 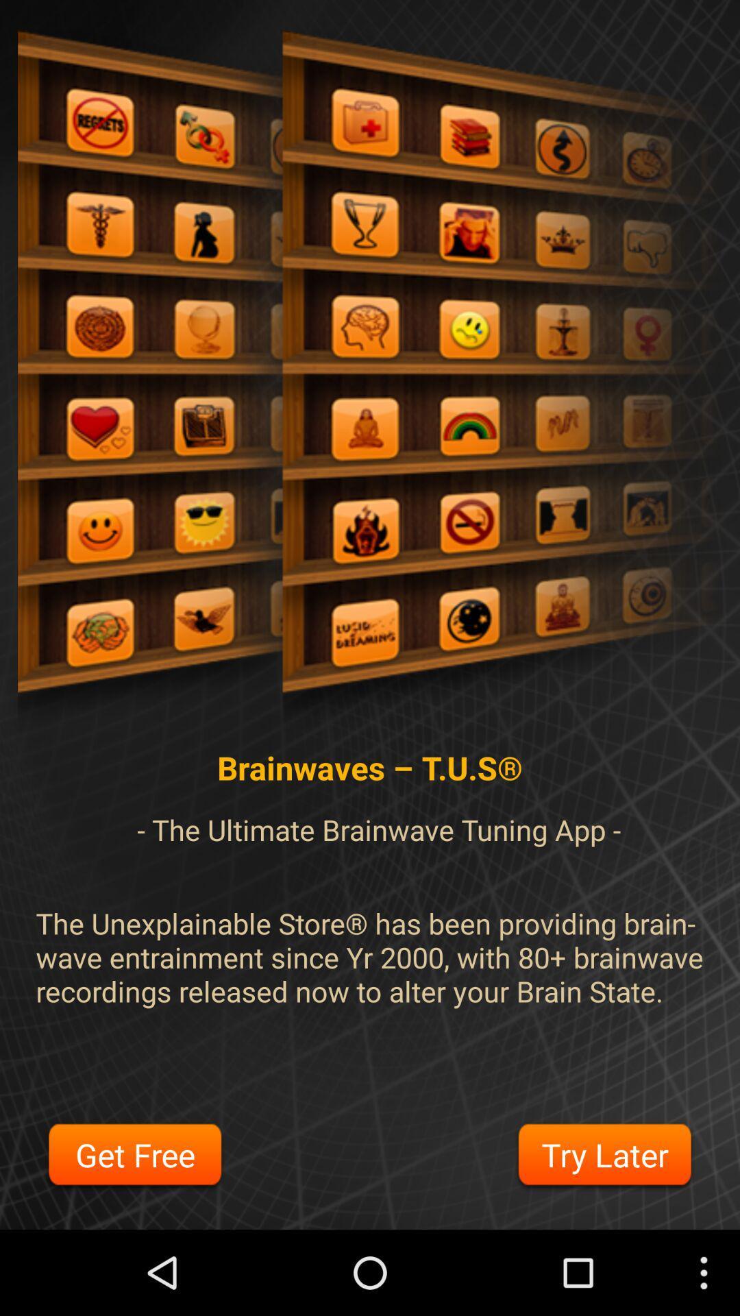 I want to click on try later button, so click(x=604, y=1157).